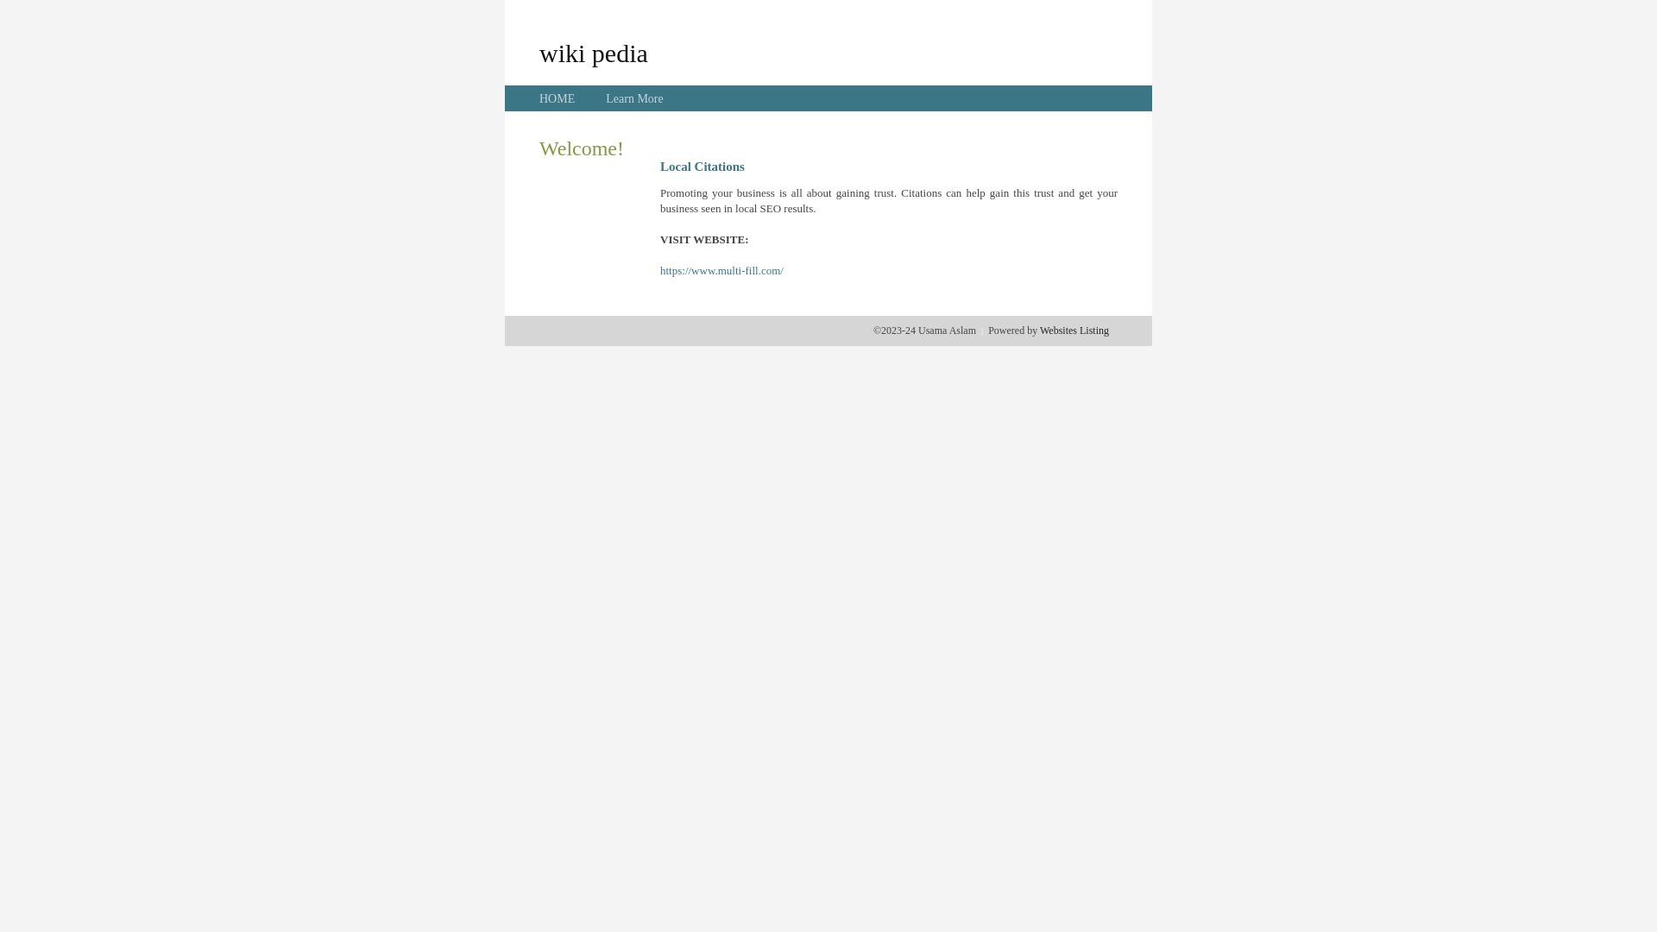  Describe the element at coordinates (721, 270) in the screenshot. I see `'https://www.multi-fill.com/'` at that location.